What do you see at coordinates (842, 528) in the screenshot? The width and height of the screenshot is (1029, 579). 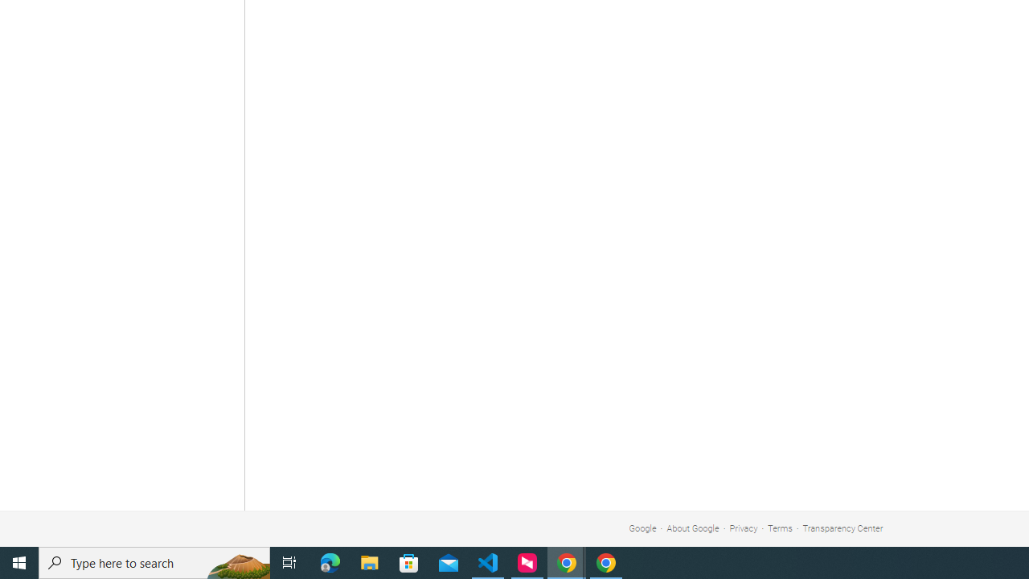 I see `'Transparency Center'` at bounding box center [842, 528].